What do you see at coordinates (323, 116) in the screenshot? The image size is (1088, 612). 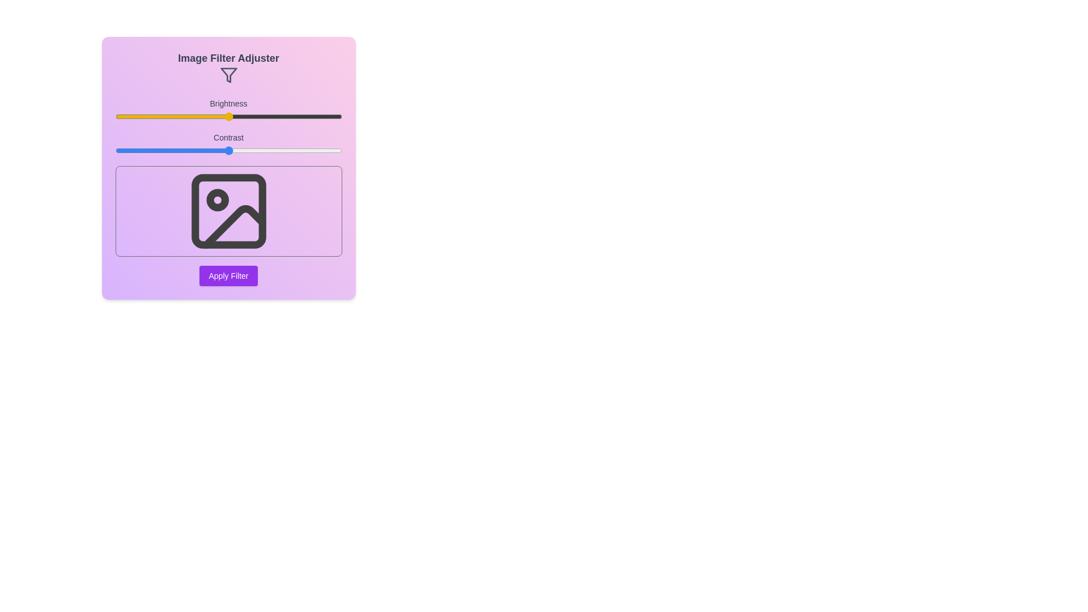 I see `the brightness slider to 92% and observe the preview image` at bounding box center [323, 116].